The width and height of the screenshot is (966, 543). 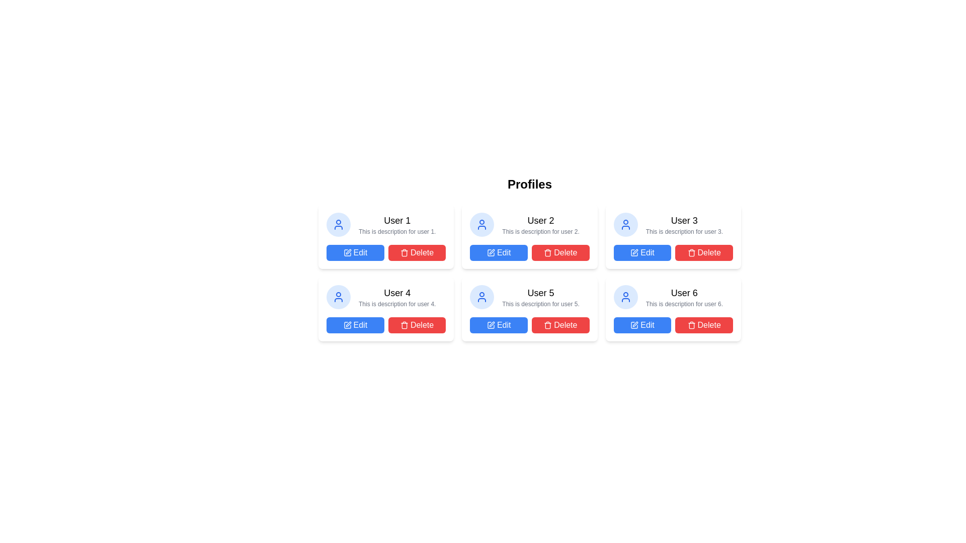 What do you see at coordinates (481, 224) in the screenshot?
I see `the user icon for 'User 2', which is a blue circular outline with a smaller head and shoulders in a light blue background, located at the top row and second column of the profiles grid` at bounding box center [481, 224].